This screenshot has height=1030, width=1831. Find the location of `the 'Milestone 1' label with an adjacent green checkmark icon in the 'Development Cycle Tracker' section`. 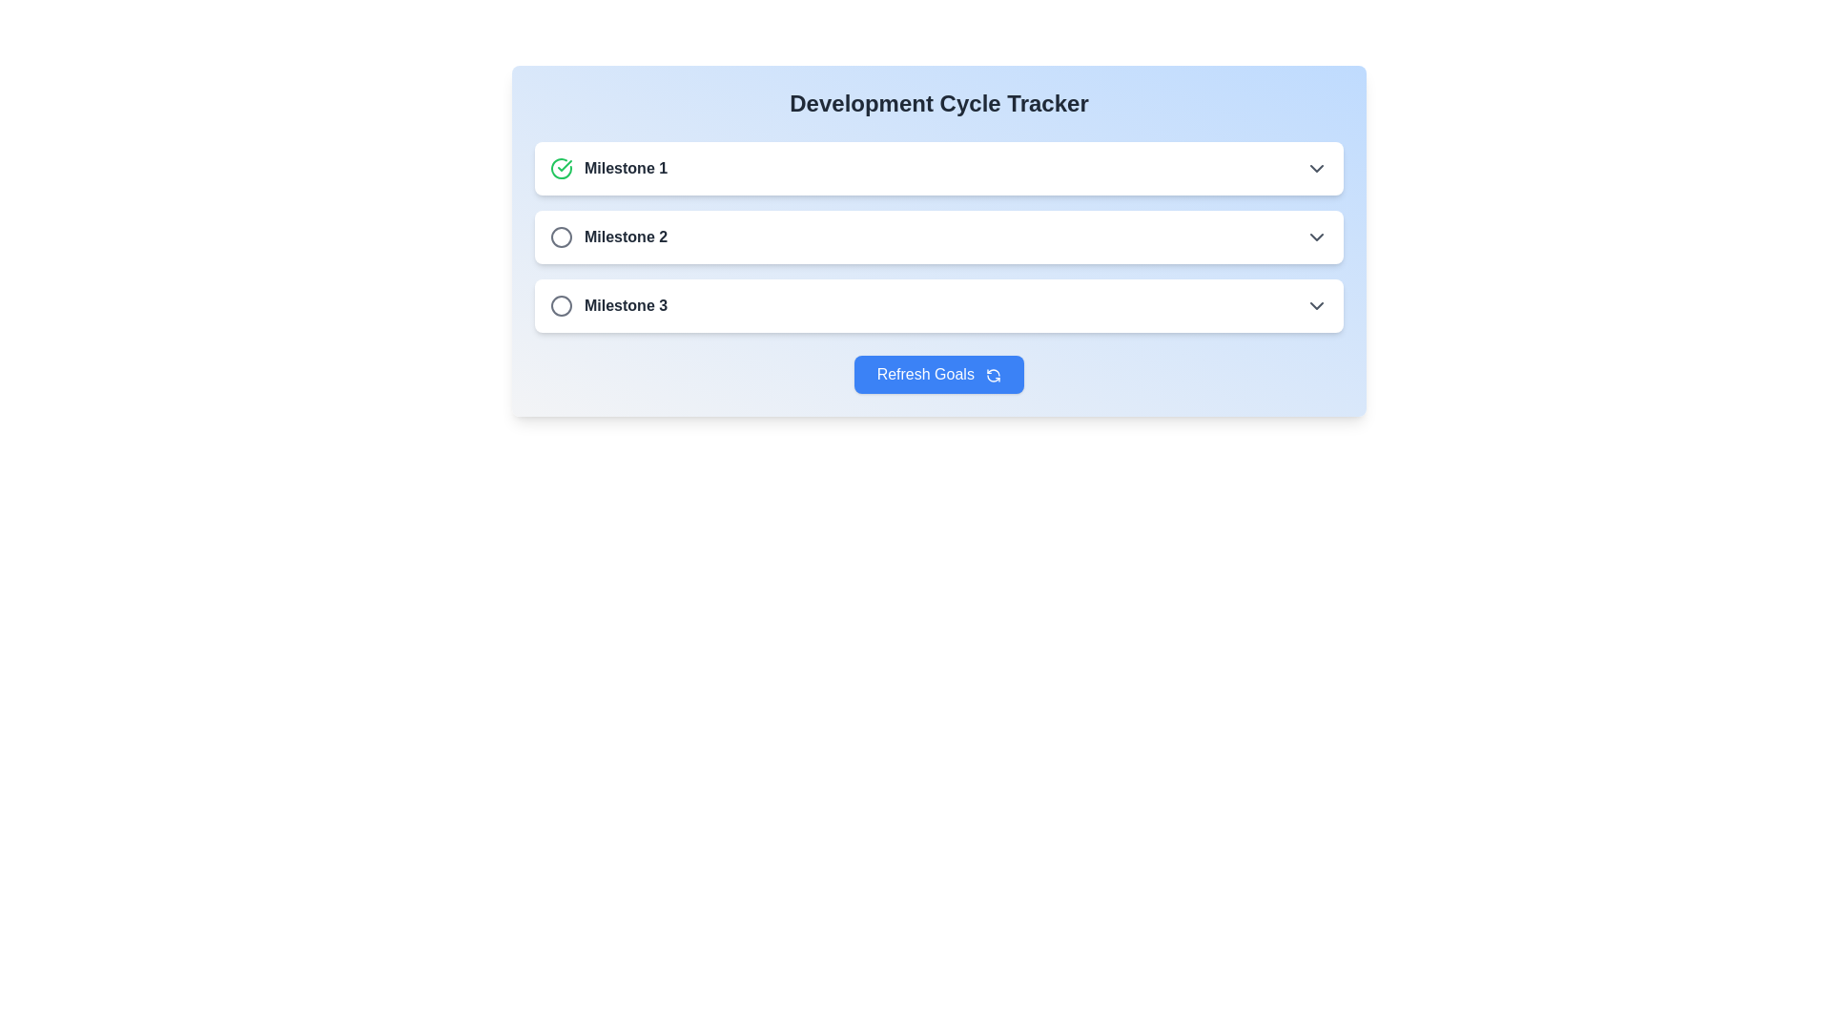

the 'Milestone 1' label with an adjacent green checkmark icon in the 'Development Cycle Tracker' section is located at coordinates (607, 168).